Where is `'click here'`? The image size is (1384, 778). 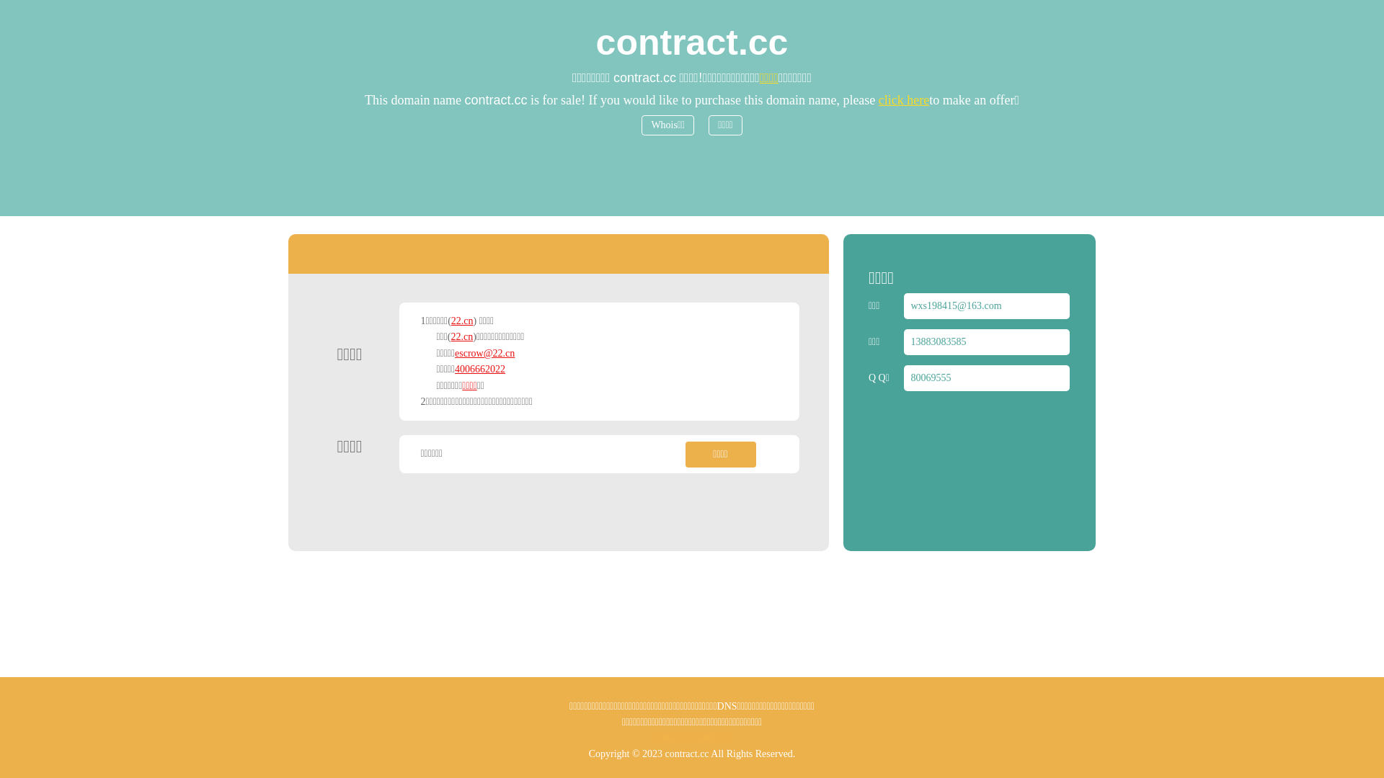 'click here' is located at coordinates (902, 99).